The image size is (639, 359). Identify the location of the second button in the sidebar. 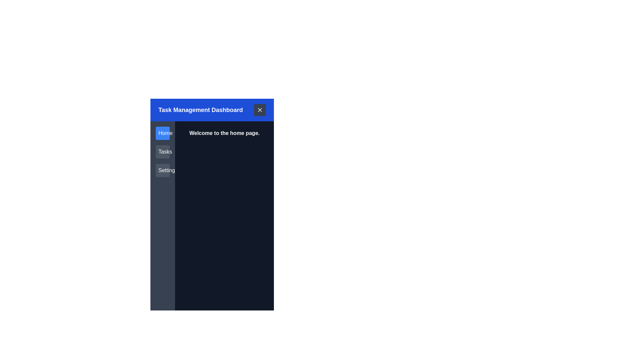
(163, 152).